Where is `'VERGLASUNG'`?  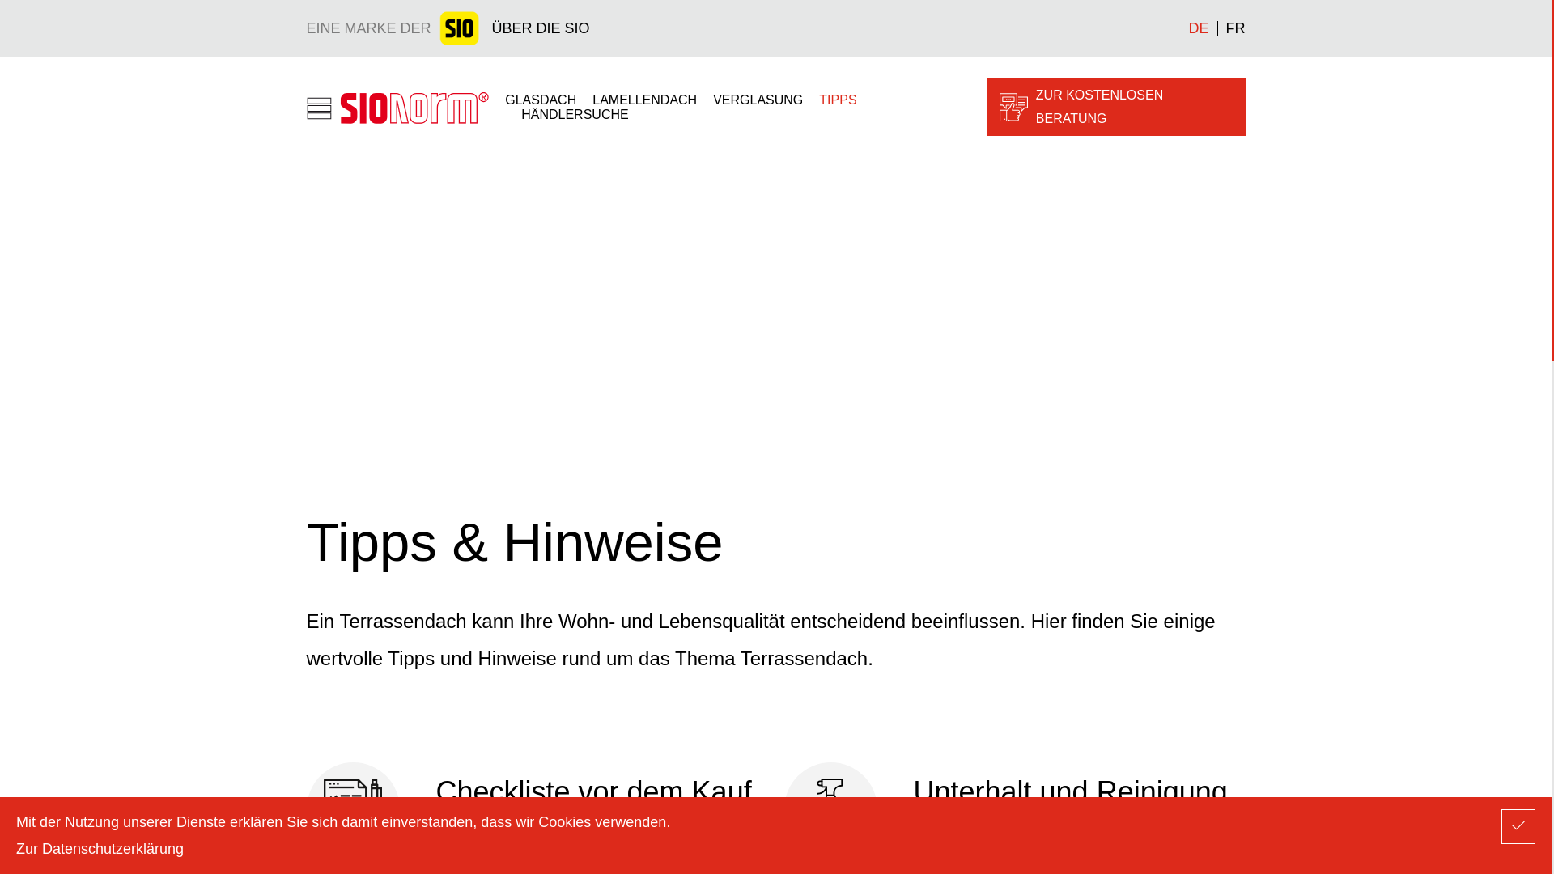 'VERGLASUNG' is located at coordinates (757, 100).